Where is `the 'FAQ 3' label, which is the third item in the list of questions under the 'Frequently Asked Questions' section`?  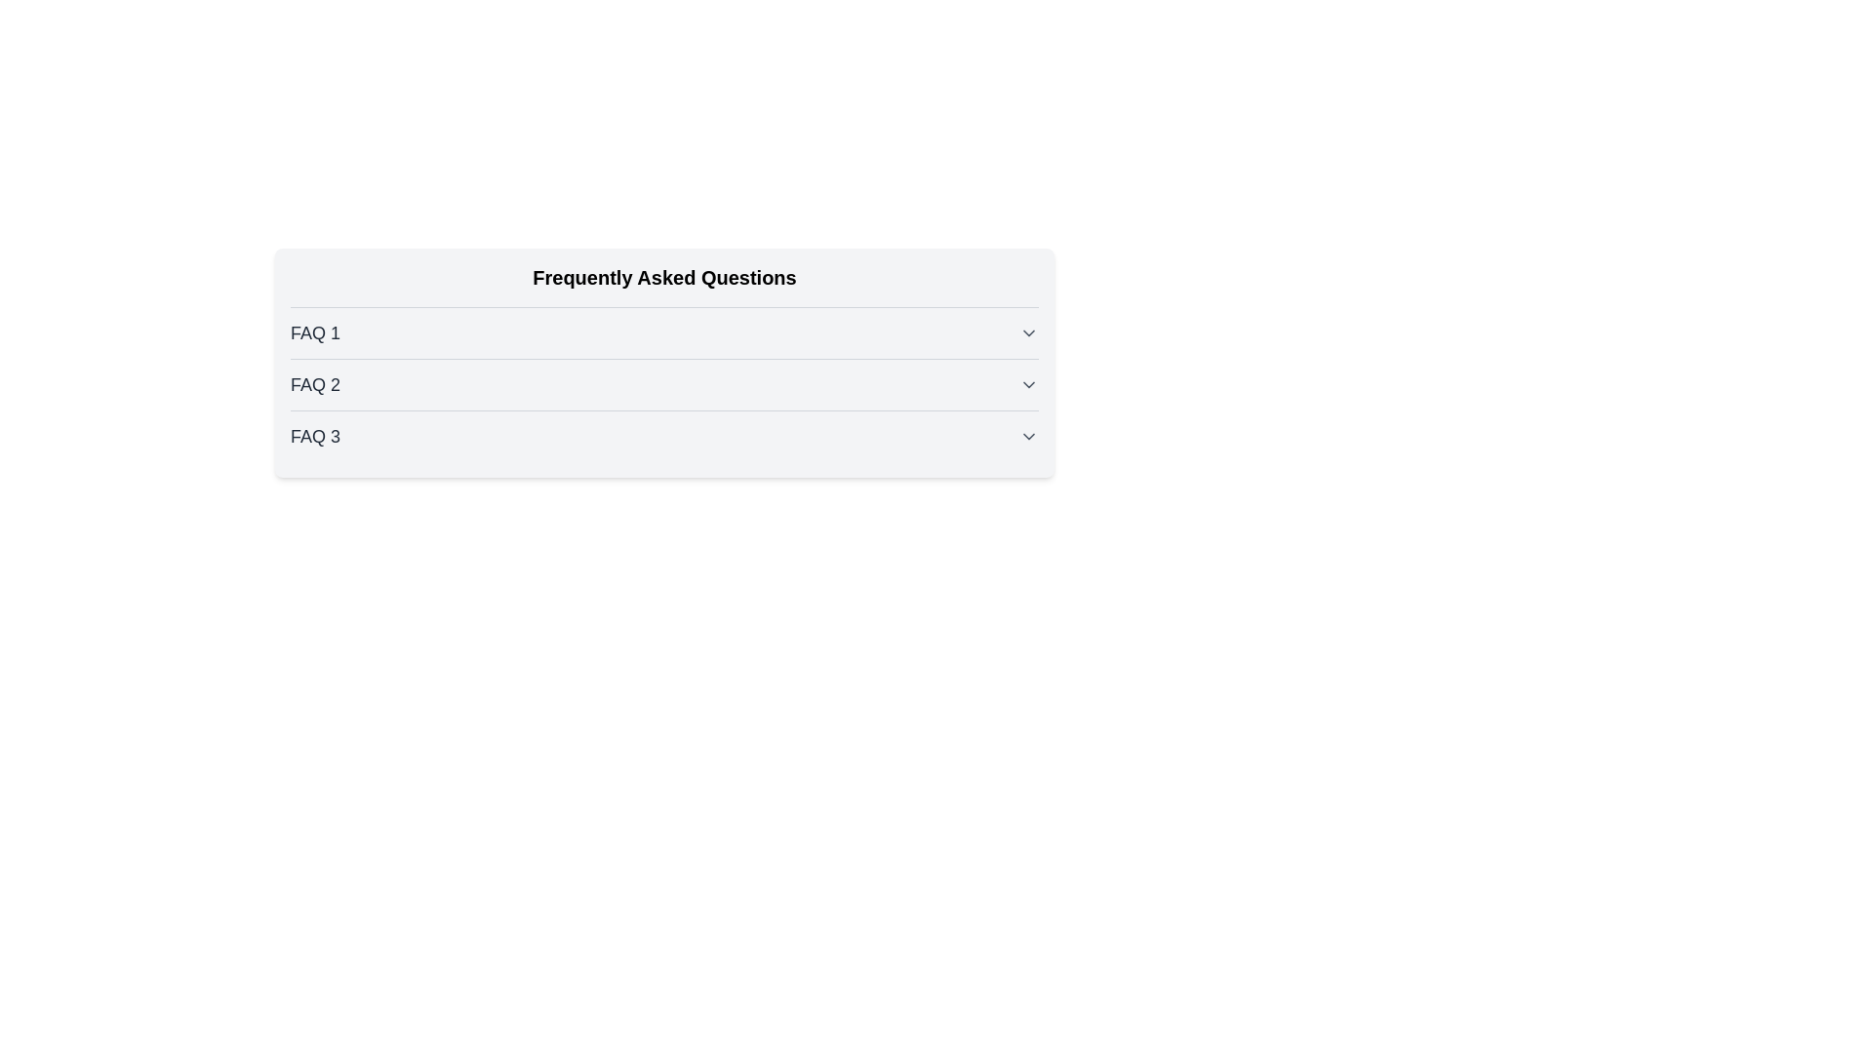 the 'FAQ 3' label, which is the third item in the list of questions under the 'Frequently Asked Questions' section is located at coordinates (315, 435).